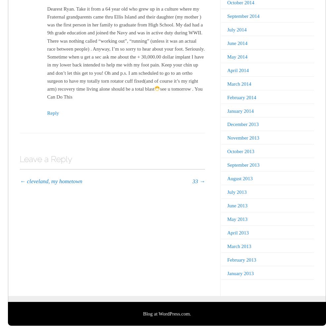 Image resolution: width=326 pixels, height=334 pixels. What do you see at coordinates (237, 232) in the screenshot?
I see `'April 2013'` at bounding box center [237, 232].